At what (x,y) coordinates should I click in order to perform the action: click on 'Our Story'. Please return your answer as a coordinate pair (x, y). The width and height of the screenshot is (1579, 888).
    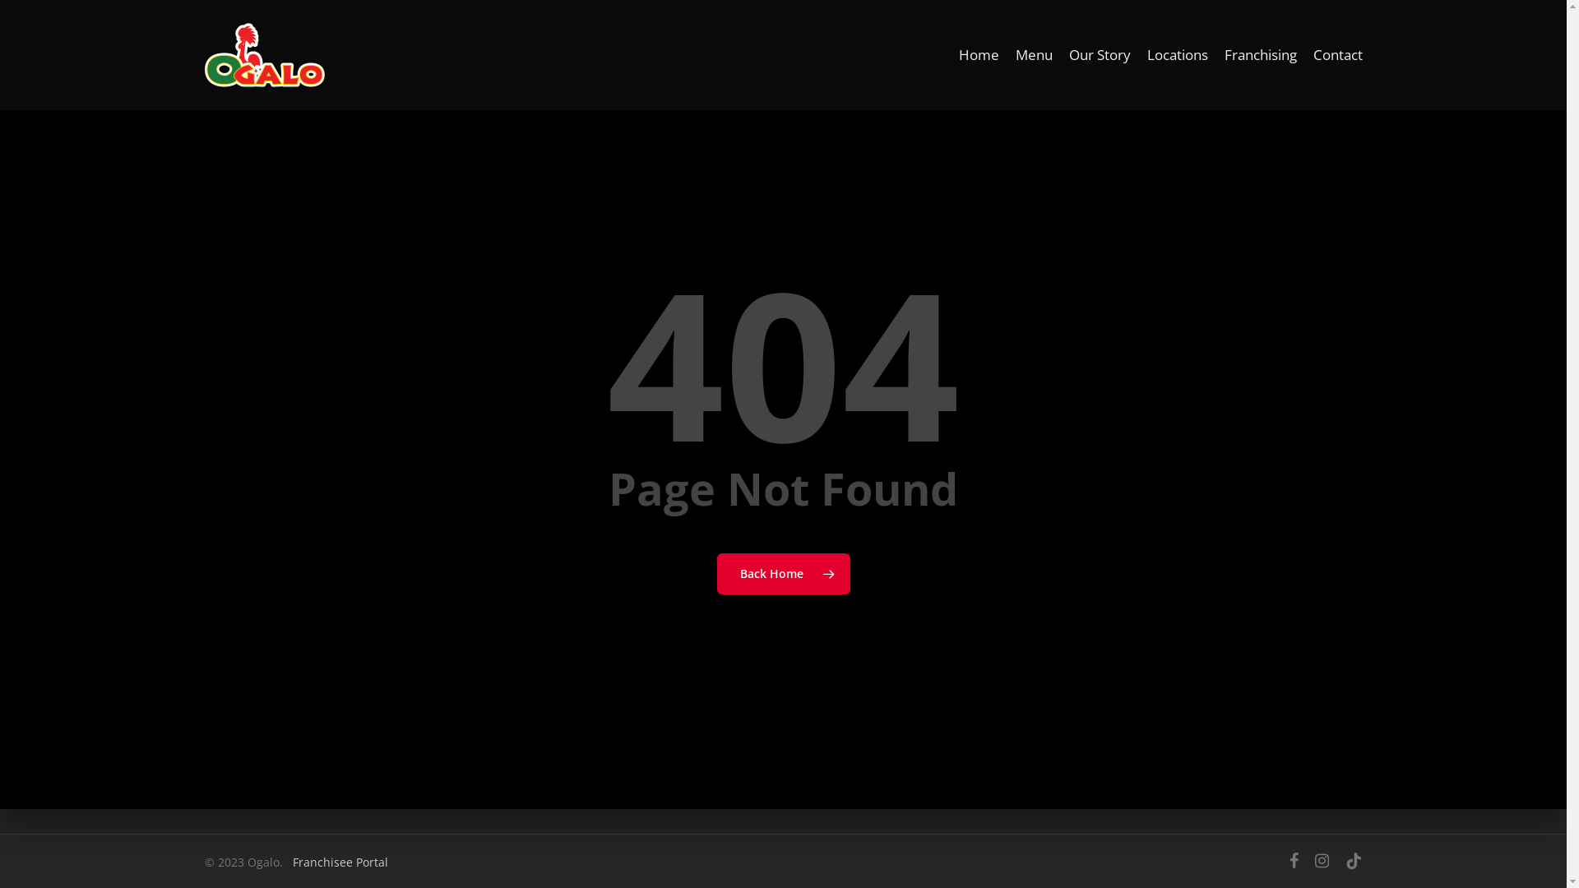
    Looking at the image, I should click on (1100, 53).